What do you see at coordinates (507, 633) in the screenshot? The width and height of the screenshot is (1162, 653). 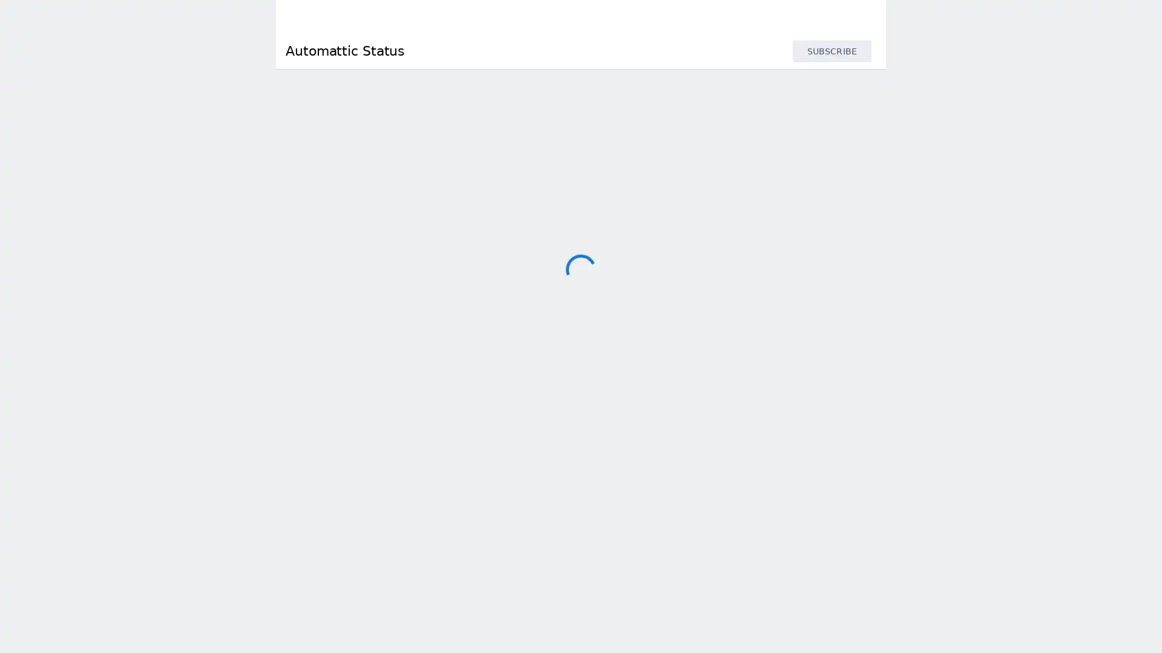 I see `Tumblr API Response Time : 121 ms` at bounding box center [507, 633].